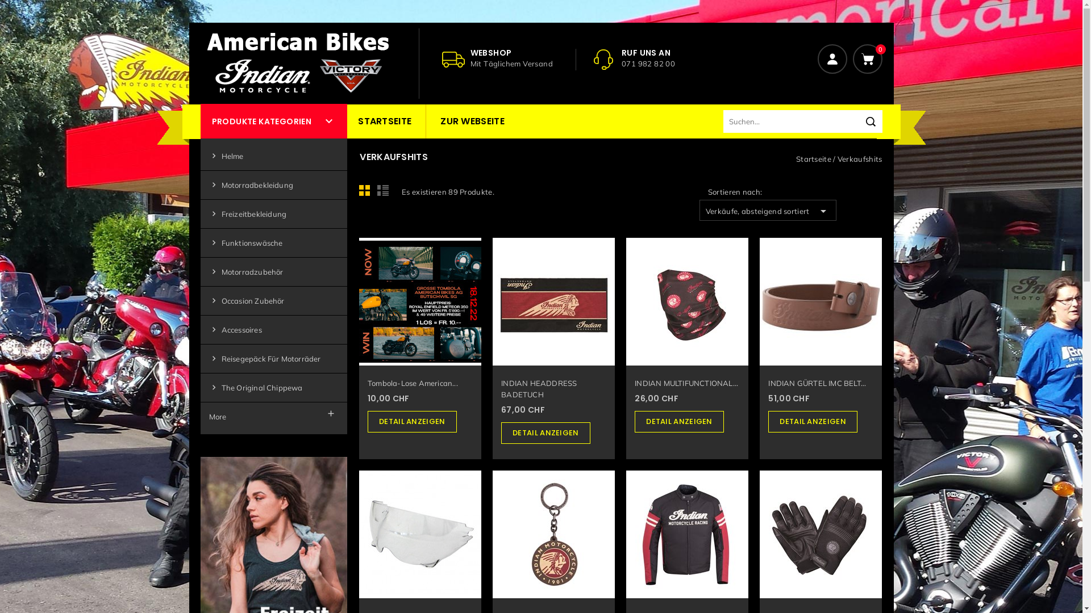 The width and height of the screenshot is (1091, 613). What do you see at coordinates (368, 192) in the screenshot?
I see `'Grid'` at bounding box center [368, 192].